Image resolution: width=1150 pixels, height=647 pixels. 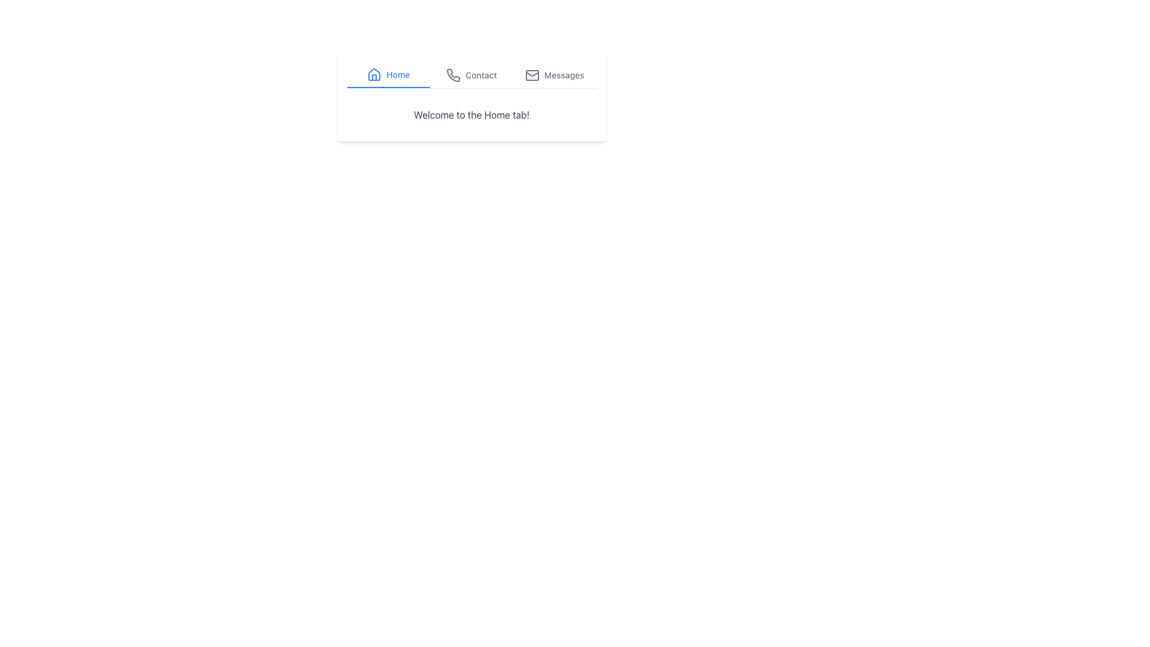 I want to click on the envelope-shaped 'Messages' icon, which represents the messaging functionality in the navigation menu, so click(x=531, y=75).